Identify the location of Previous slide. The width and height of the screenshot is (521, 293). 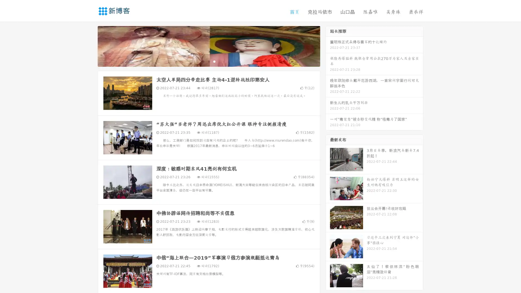
(90, 46).